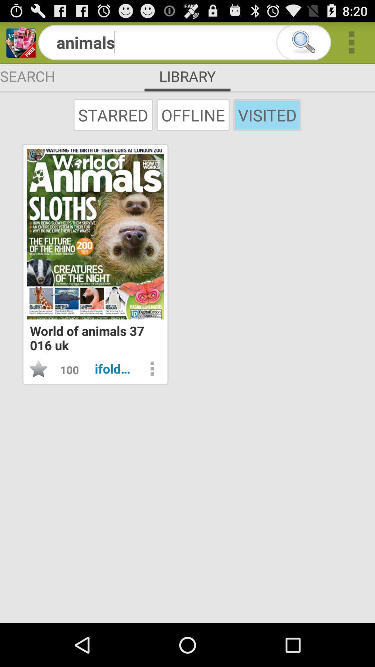 Image resolution: width=375 pixels, height=667 pixels. I want to click on option menu, so click(152, 368).